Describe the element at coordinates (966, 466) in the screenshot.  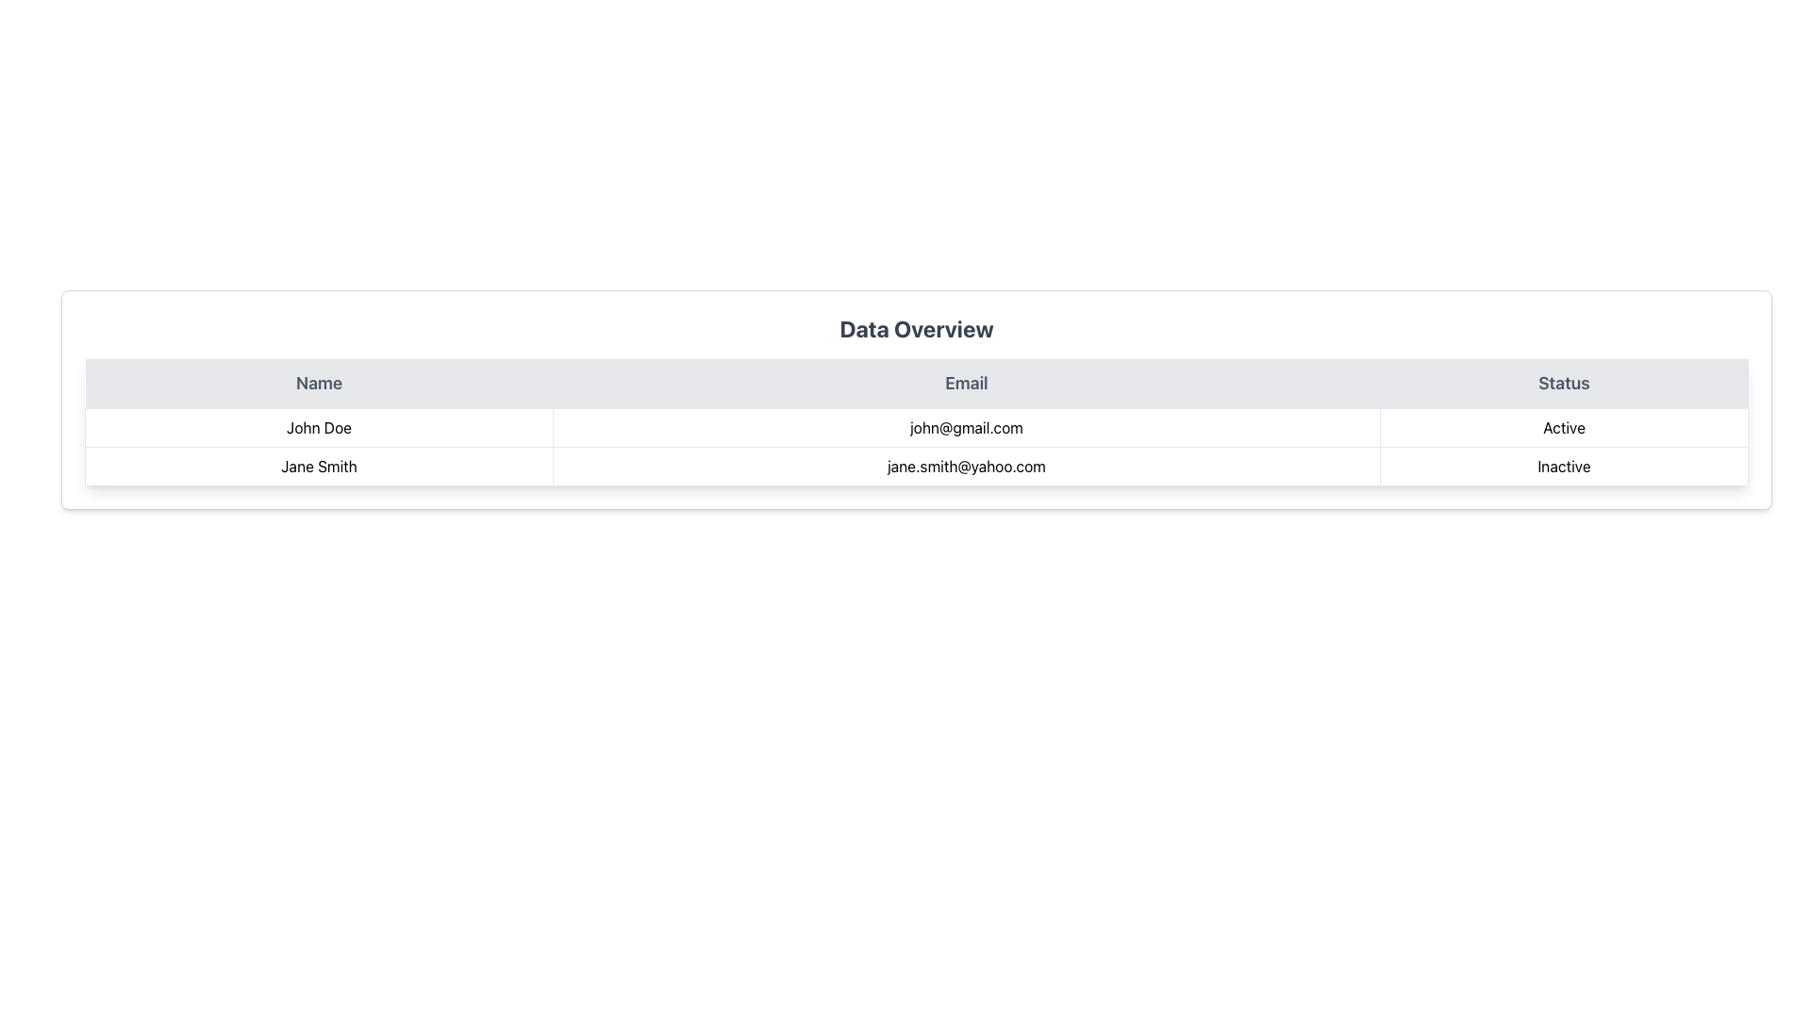
I see `the static text displaying the user's email address in the second row of the table under the 'Email' column` at that location.